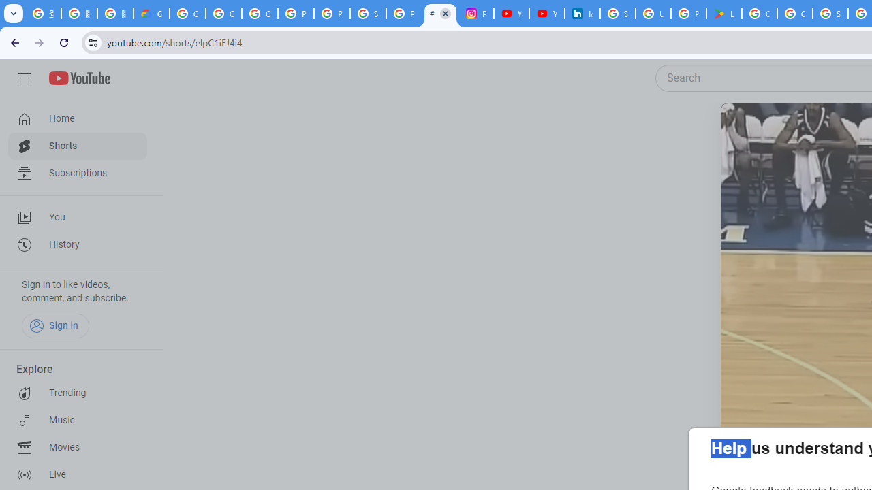 Image resolution: width=872 pixels, height=490 pixels. I want to click on 'Sign in - Google Accounts', so click(368, 14).